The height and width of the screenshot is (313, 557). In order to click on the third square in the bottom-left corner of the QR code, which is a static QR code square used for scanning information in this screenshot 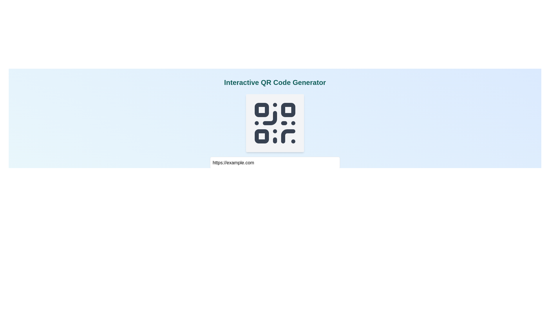, I will do `click(261, 136)`.